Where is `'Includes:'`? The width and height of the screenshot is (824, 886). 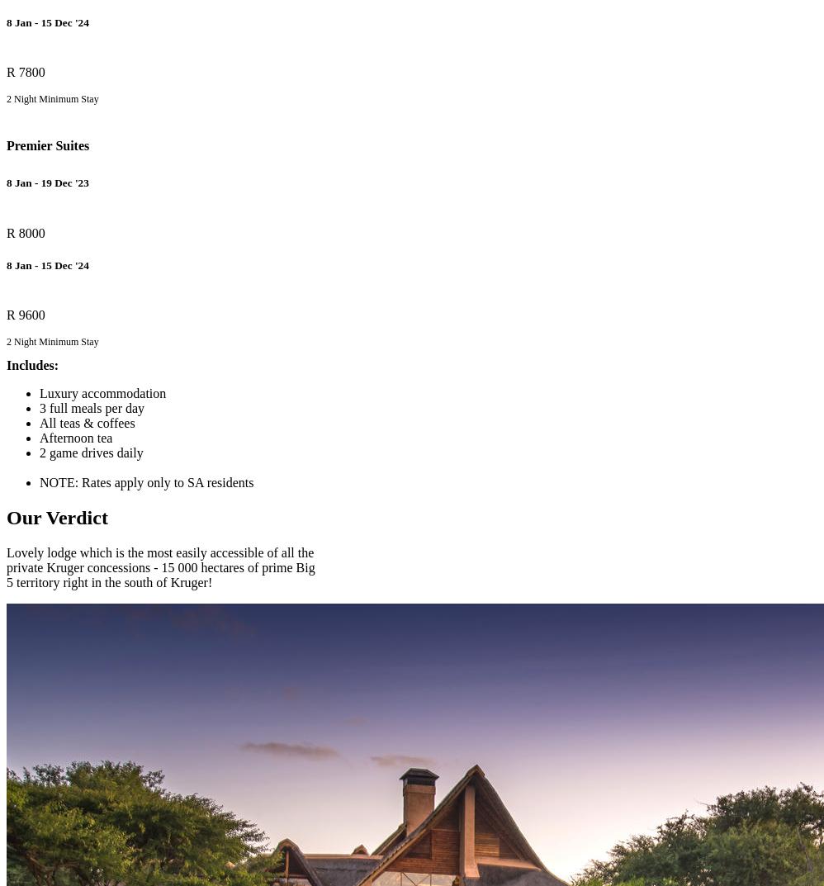 'Includes:' is located at coordinates (32, 364).